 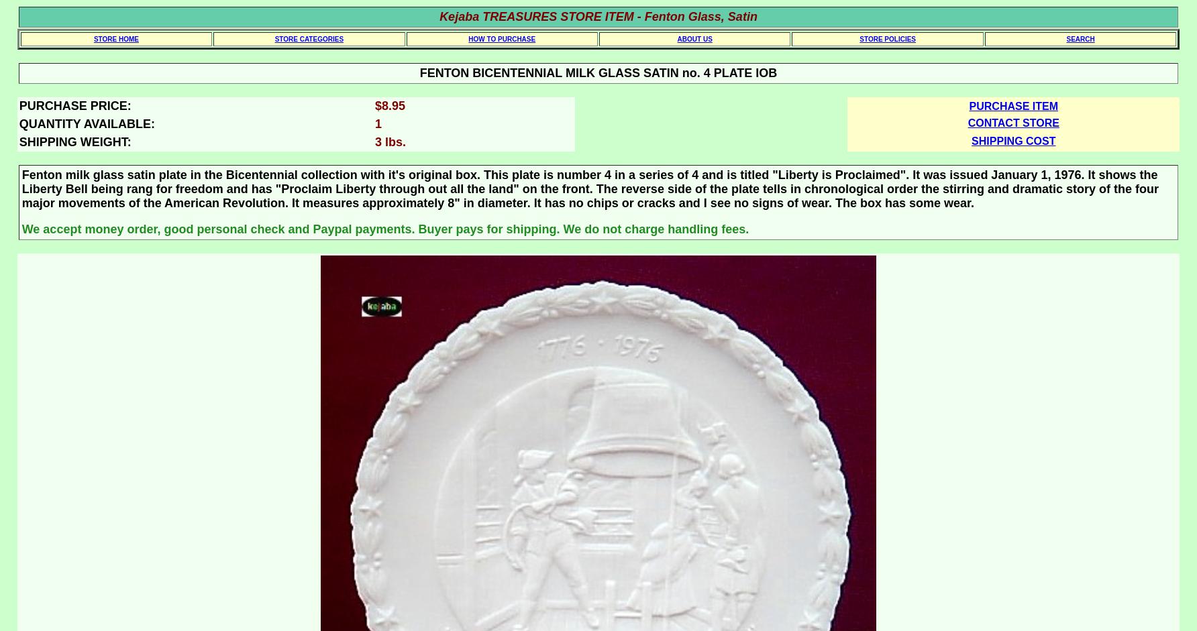 What do you see at coordinates (597, 17) in the screenshot?
I see `'Kejaba TREASURES STORE ITEM - Fenton Glass, Satin'` at bounding box center [597, 17].